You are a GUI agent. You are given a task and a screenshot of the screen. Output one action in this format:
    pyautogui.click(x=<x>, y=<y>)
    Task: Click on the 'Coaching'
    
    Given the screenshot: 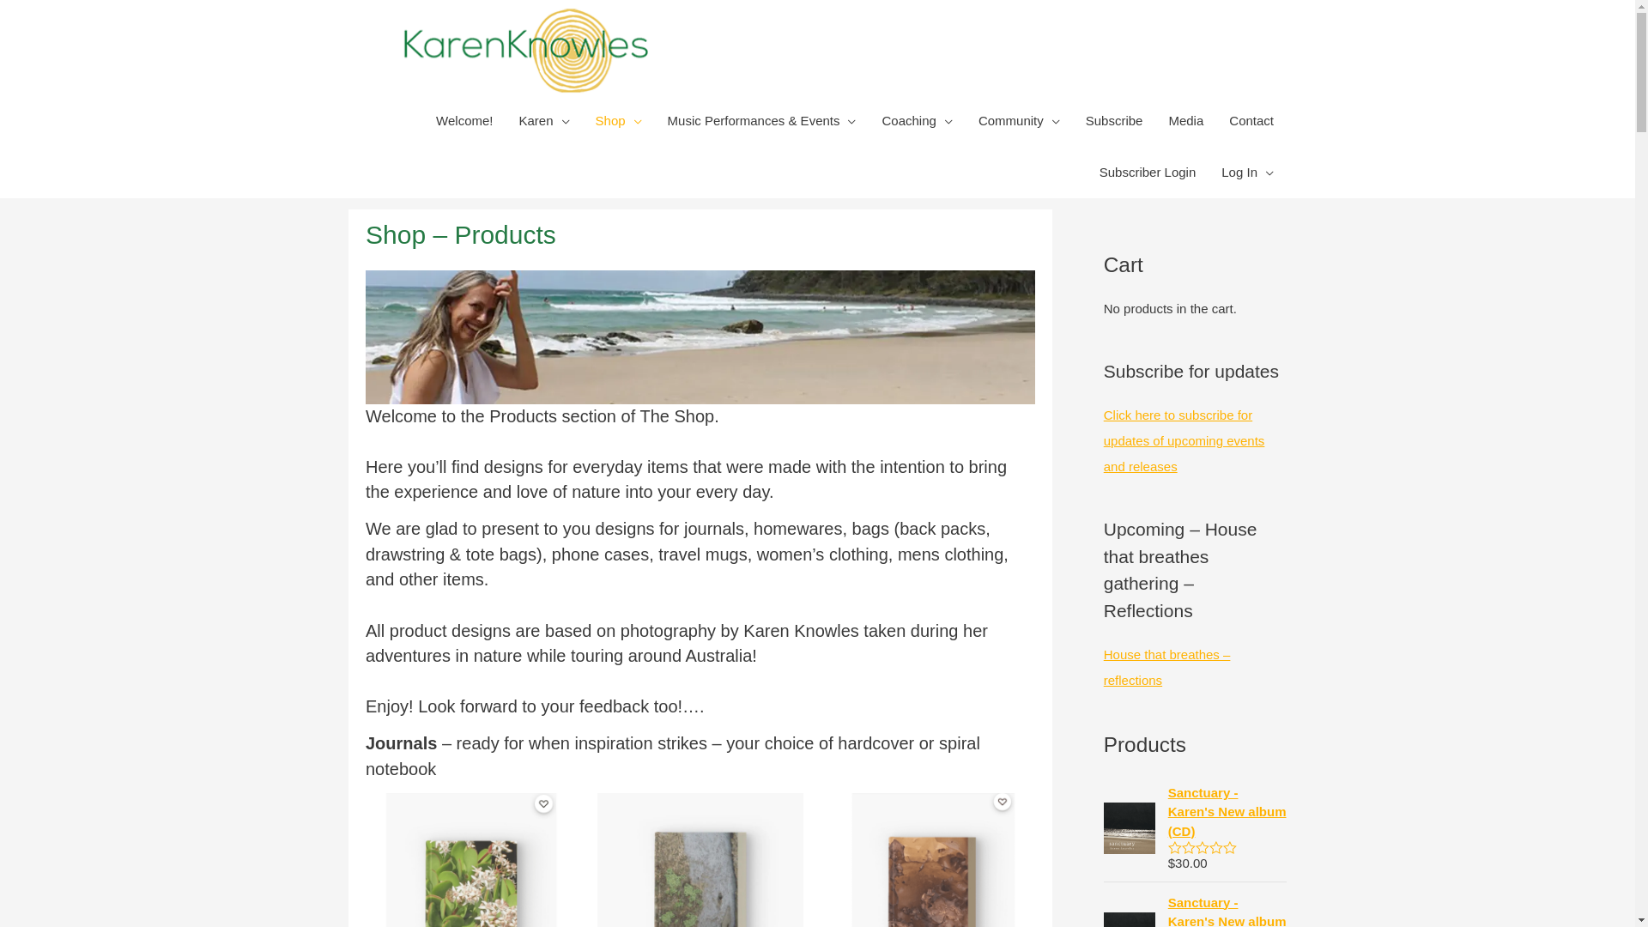 What is the action you would take?
    pyautogui.click(x=916, y=120)
    